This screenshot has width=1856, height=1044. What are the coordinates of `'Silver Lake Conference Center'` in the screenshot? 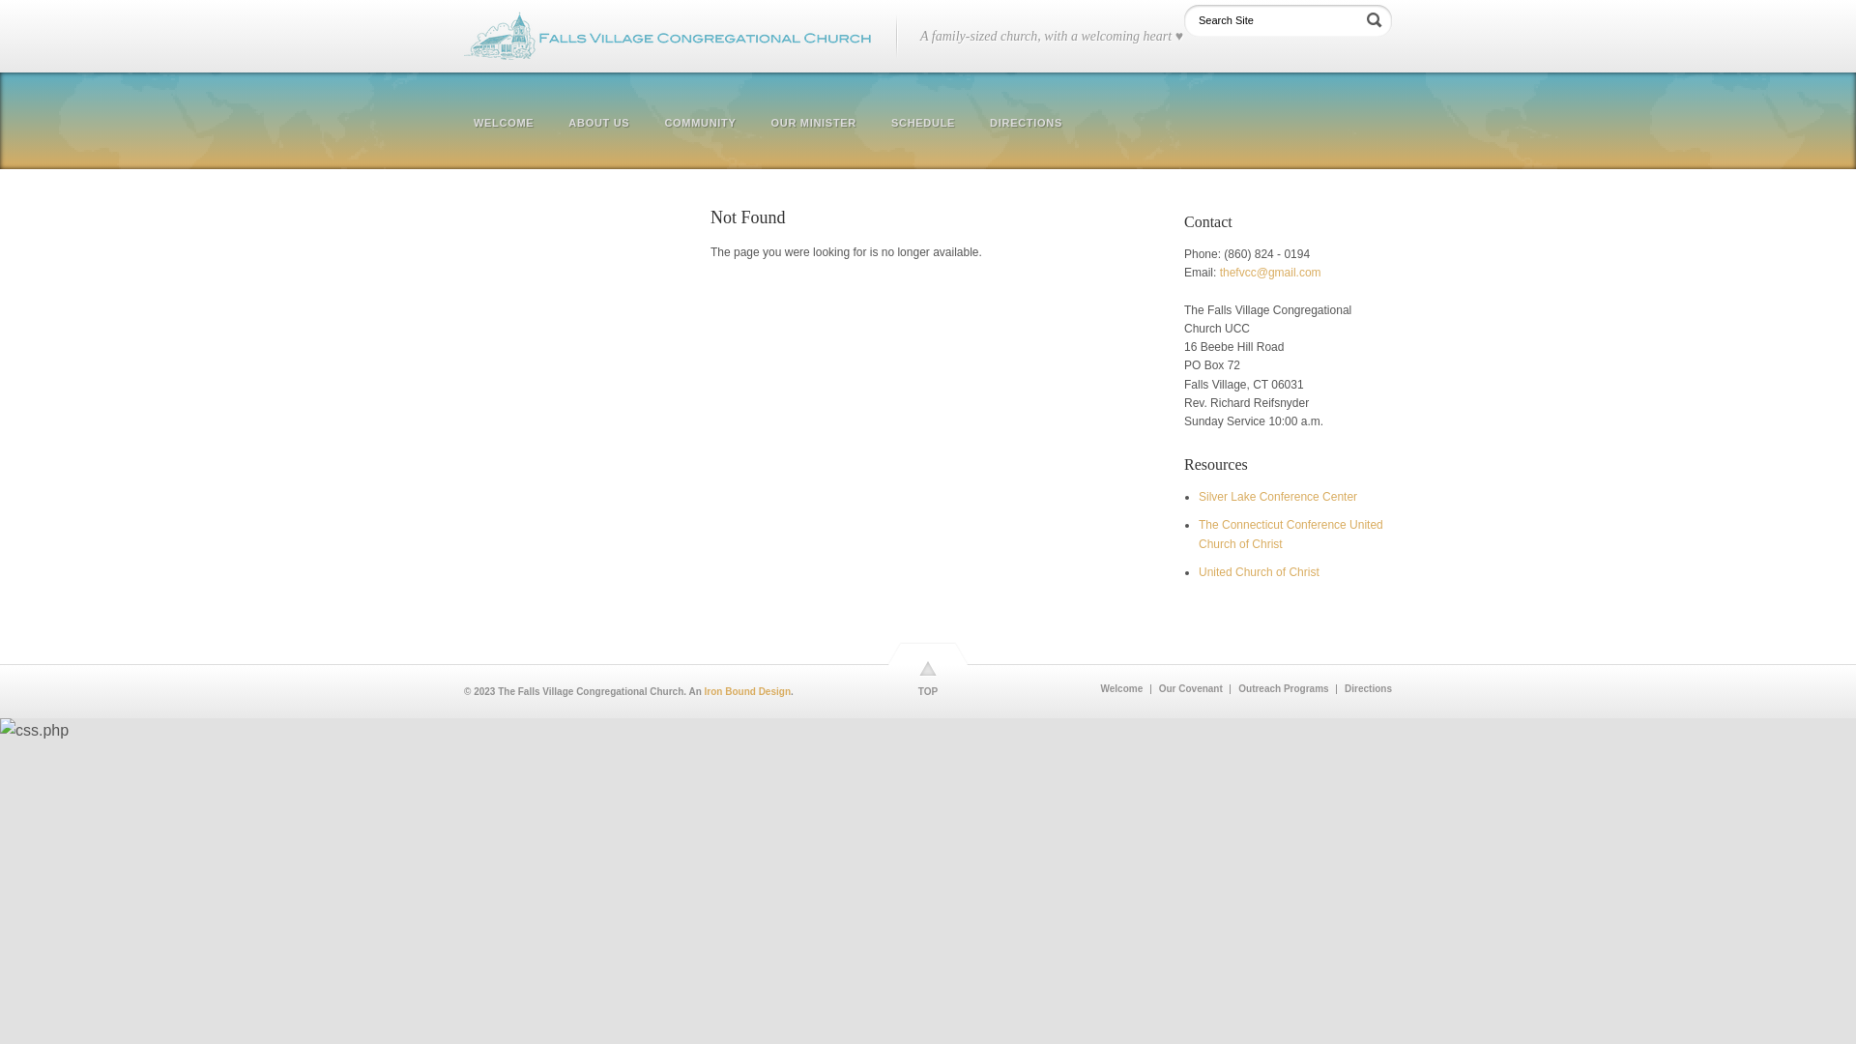 It's located at (1277, 495).